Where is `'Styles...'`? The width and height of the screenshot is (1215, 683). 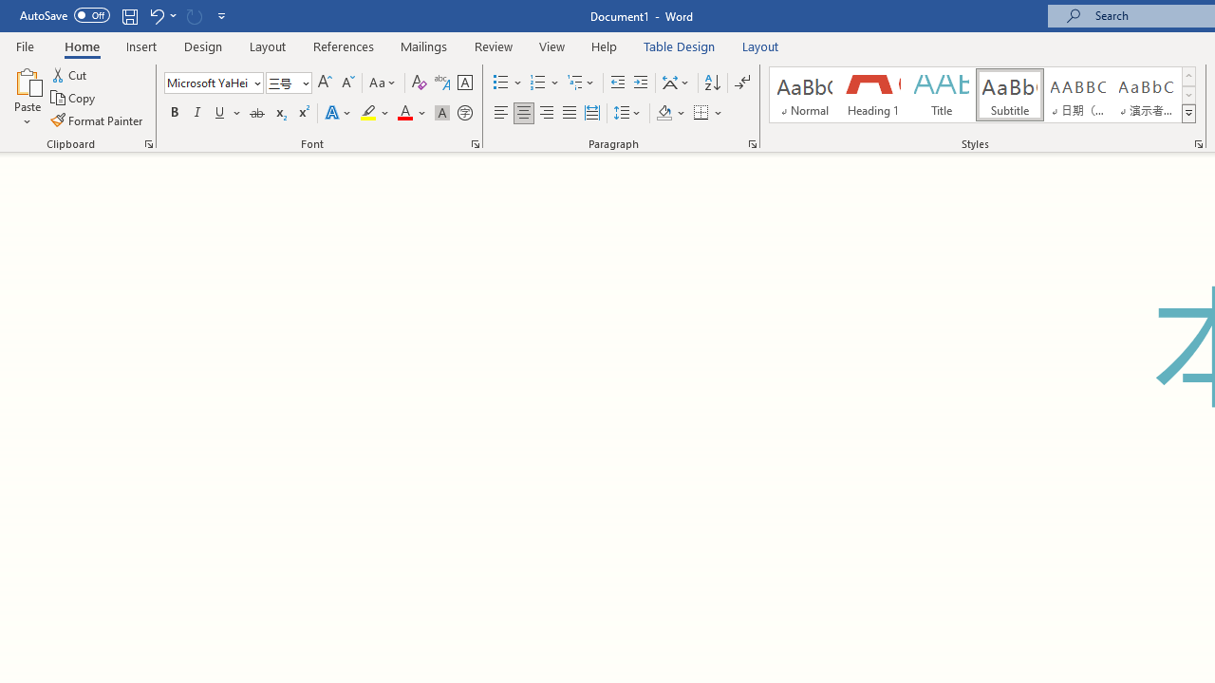
'Styles...' is located at coordinates (1197, 142).